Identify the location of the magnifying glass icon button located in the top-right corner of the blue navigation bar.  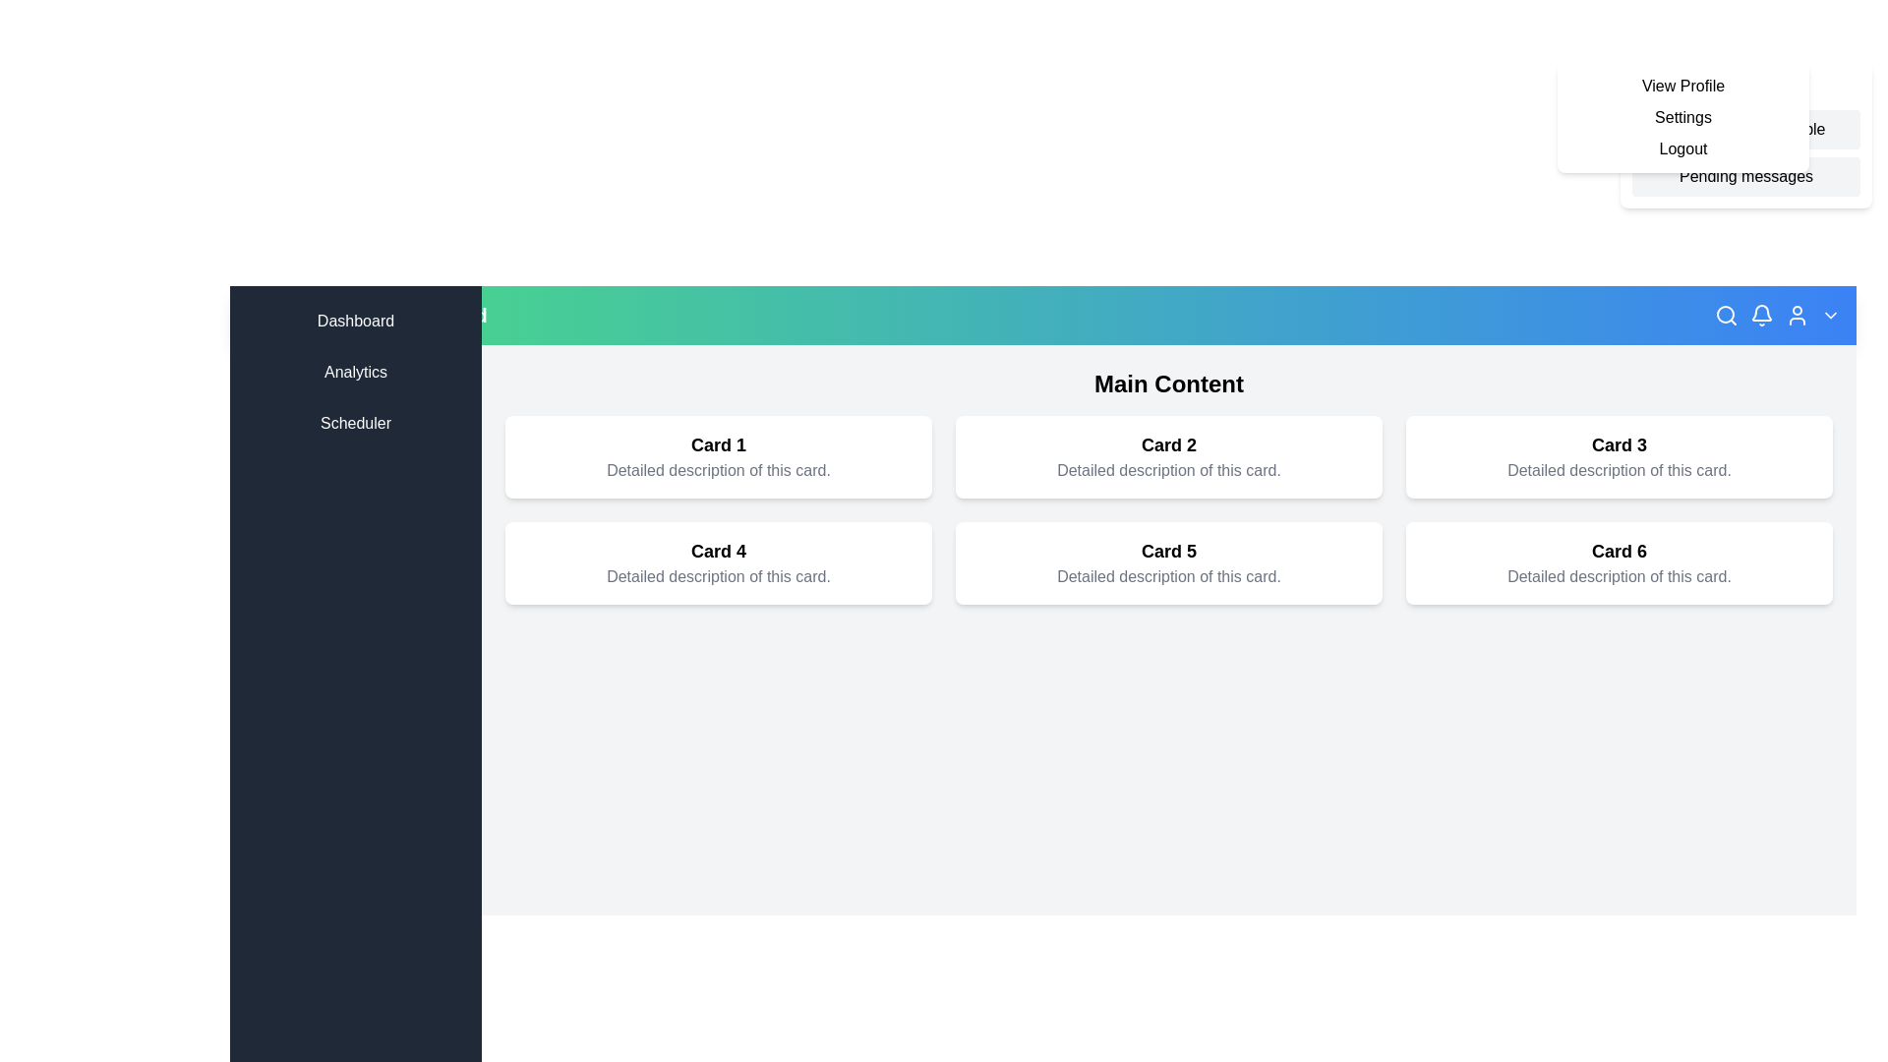
(1726, 314).